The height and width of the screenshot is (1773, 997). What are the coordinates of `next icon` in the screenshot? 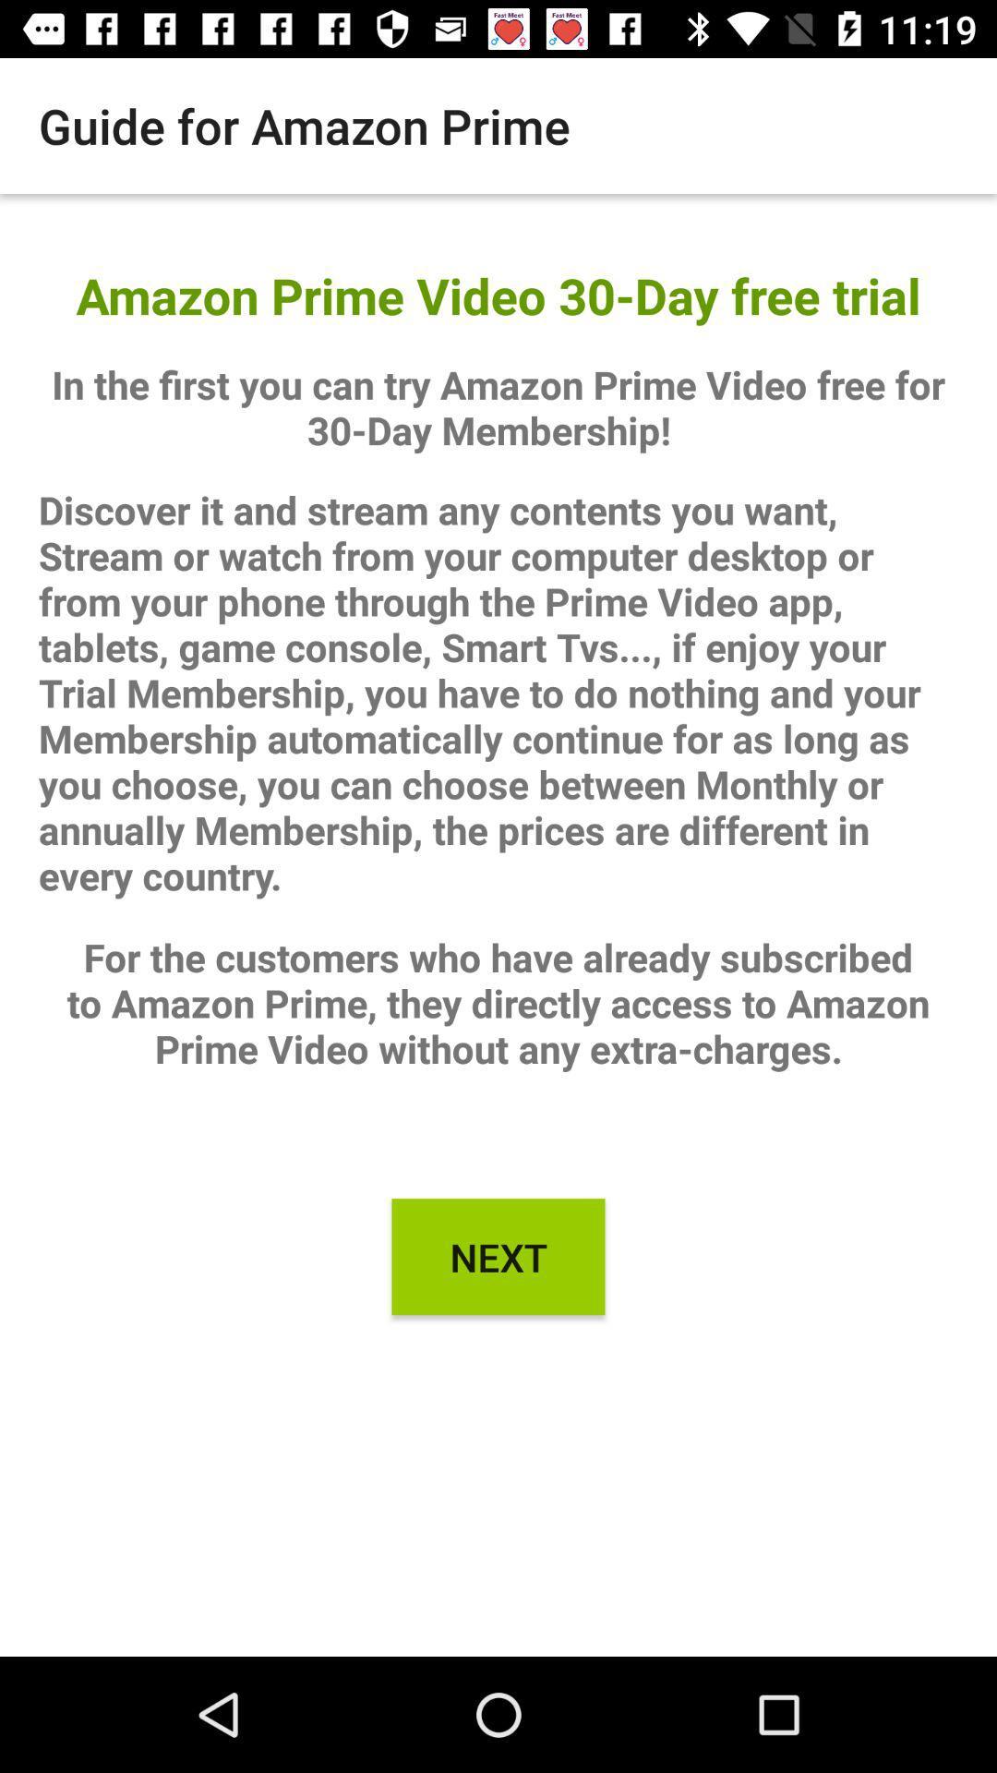 It's located at (498, 1256).